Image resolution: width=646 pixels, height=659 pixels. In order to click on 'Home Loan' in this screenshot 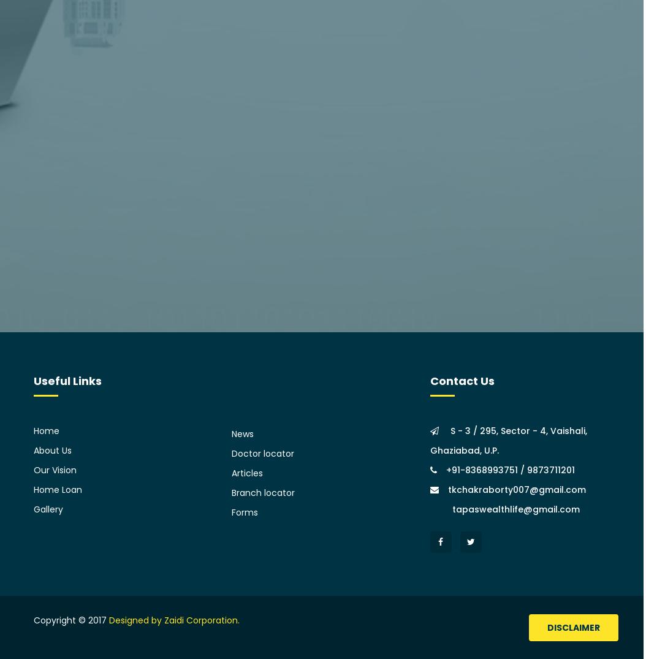, I will do `click(57, 488)`.